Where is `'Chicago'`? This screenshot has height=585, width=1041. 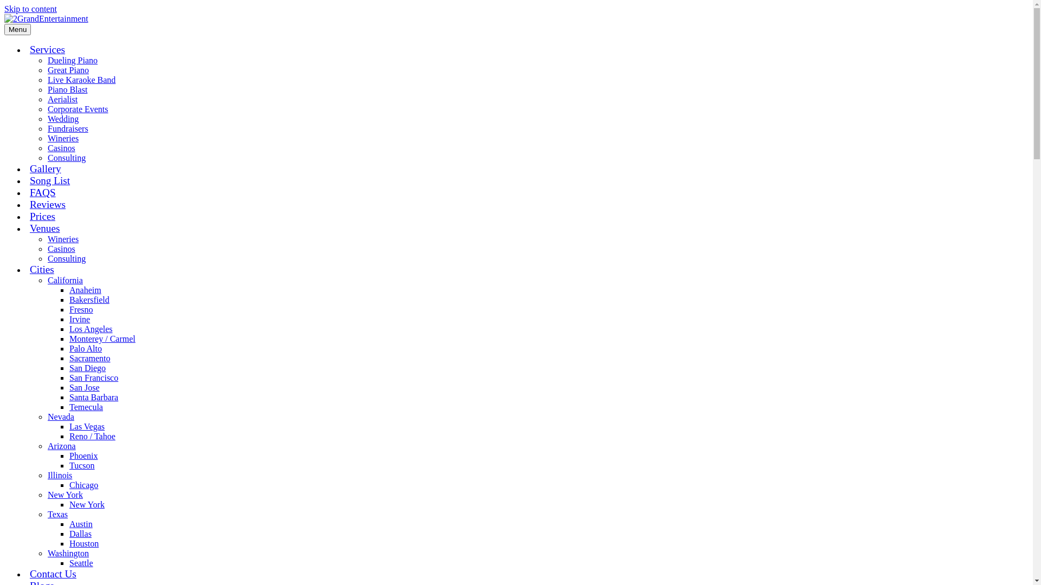 'Chicago' is located at coordinates (83, 484).